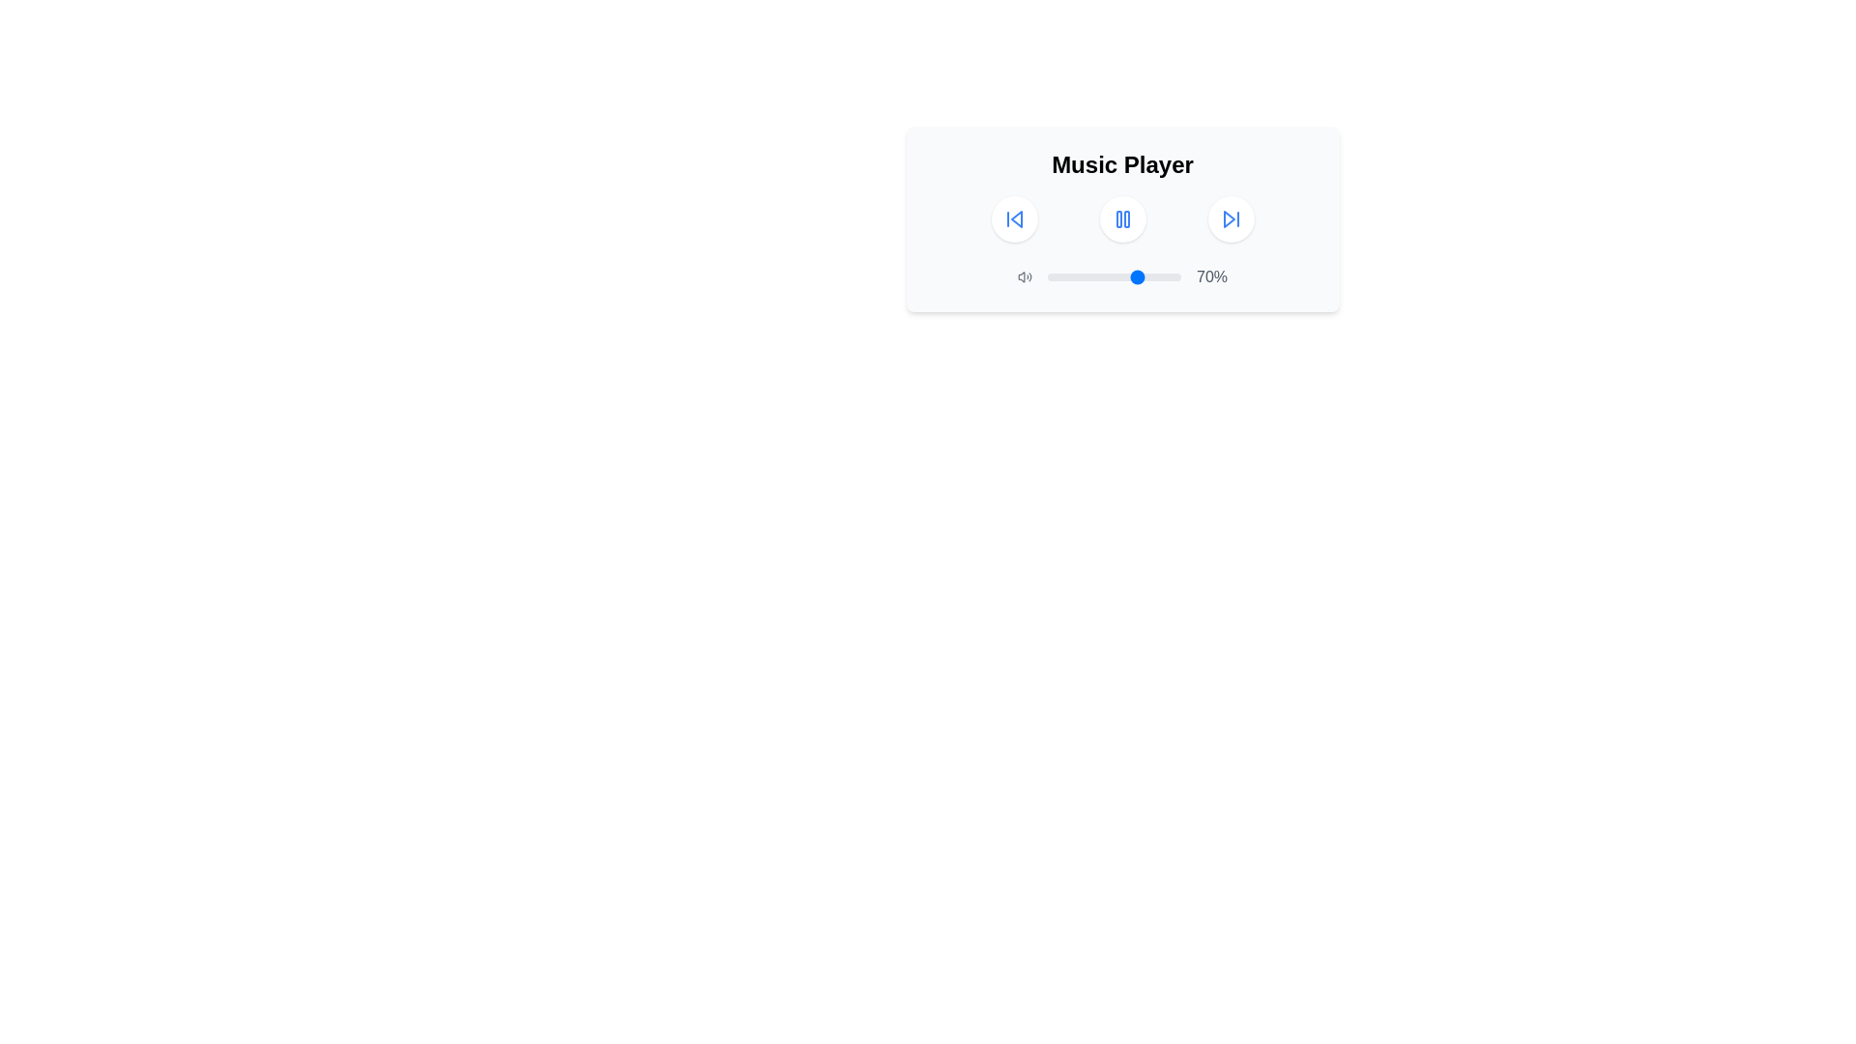  What do you see at coordinates (1118, 218) in the screenshot?
I see `the left vertical bar of the pause icon on the media player's control pane, which is a rounded rectangle styled as a pause button` at bounding box center [1118, 218].